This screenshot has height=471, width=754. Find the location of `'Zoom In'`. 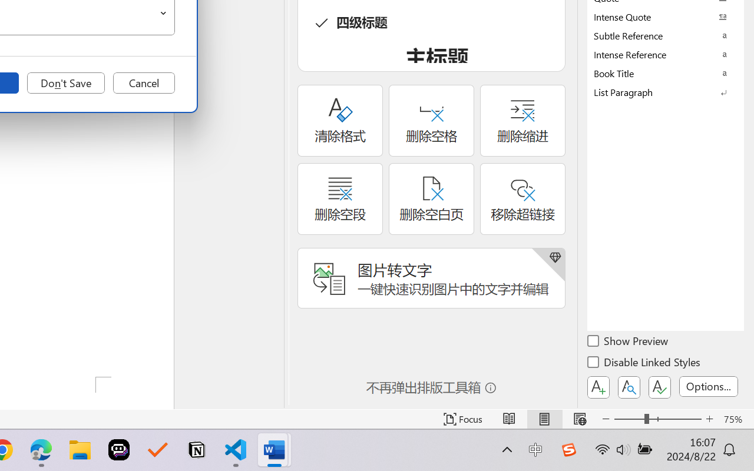

'Zoom In' is located at coordinates (709, 419).